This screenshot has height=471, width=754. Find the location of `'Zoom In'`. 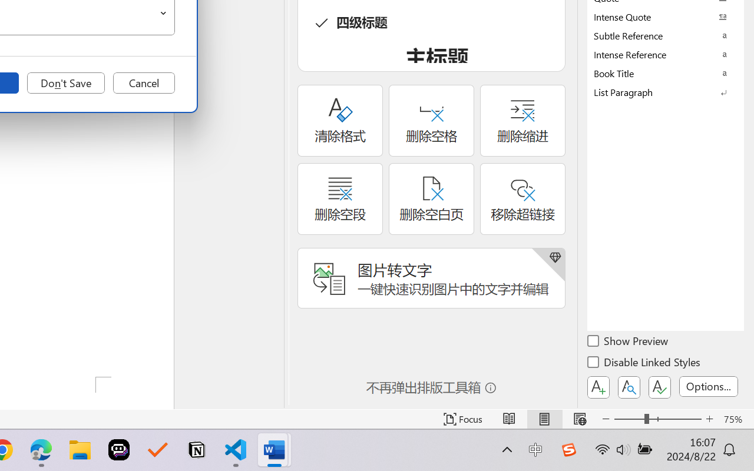

'Zoom In' is located at coordinates (709, 419).